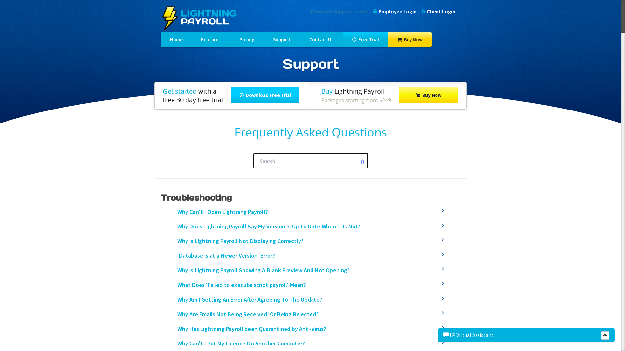 The image size is (625, 351). What do you see at coordinates (231, 95) in the screenshot?
I see `'  Download Free Trial'` at bounding box center [231, 95].